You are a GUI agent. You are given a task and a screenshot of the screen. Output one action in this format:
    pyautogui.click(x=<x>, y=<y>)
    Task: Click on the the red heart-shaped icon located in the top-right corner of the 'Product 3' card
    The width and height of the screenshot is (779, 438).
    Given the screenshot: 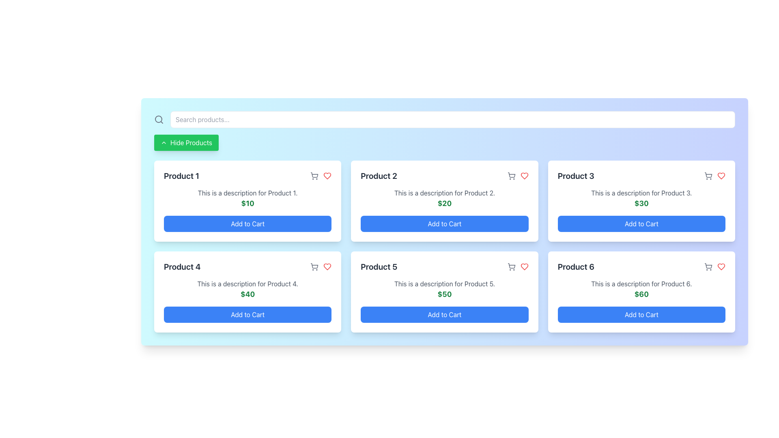 What is the action you would take?
    pyautogui.click(x=721, y=176)
    